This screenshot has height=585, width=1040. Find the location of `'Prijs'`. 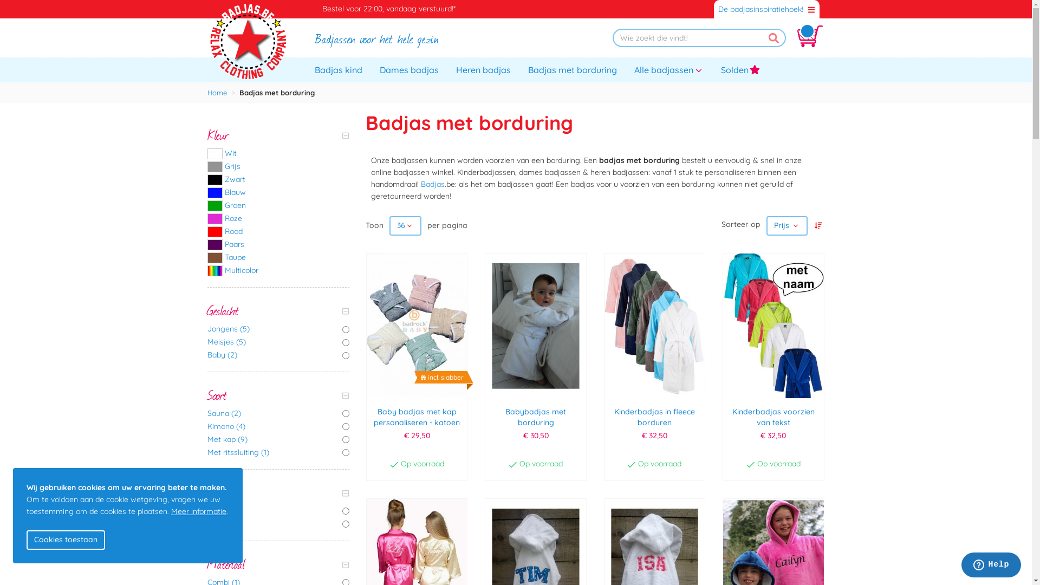

'Prijs' is located at coordinates (786, 225).